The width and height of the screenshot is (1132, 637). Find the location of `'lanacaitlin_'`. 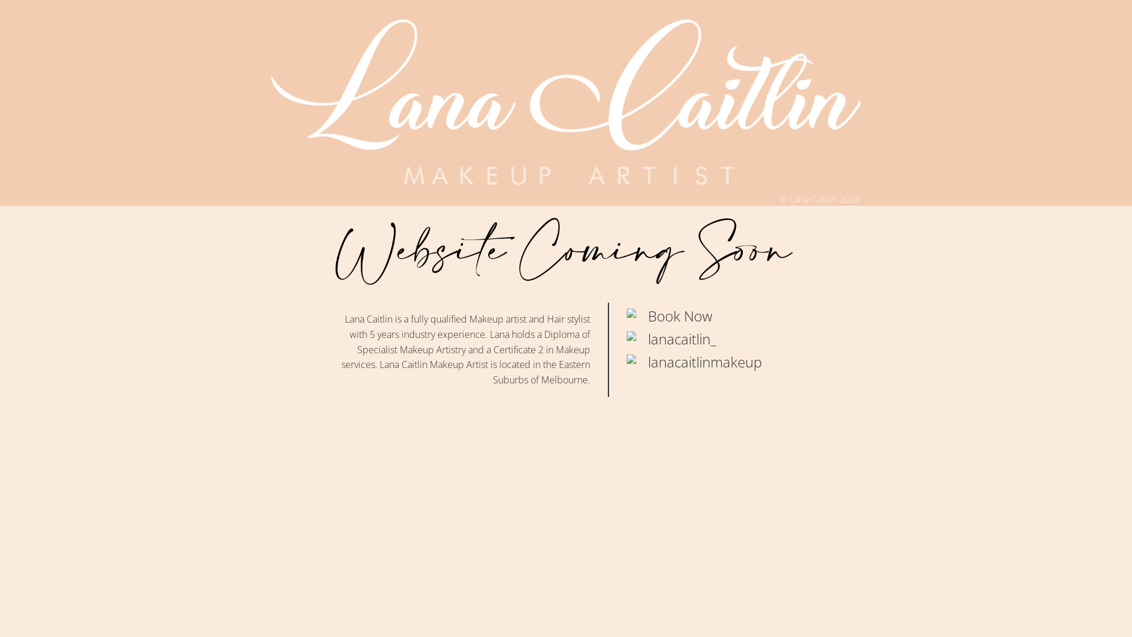

'lanacaitlin_' is located at coordinates (682, 339).